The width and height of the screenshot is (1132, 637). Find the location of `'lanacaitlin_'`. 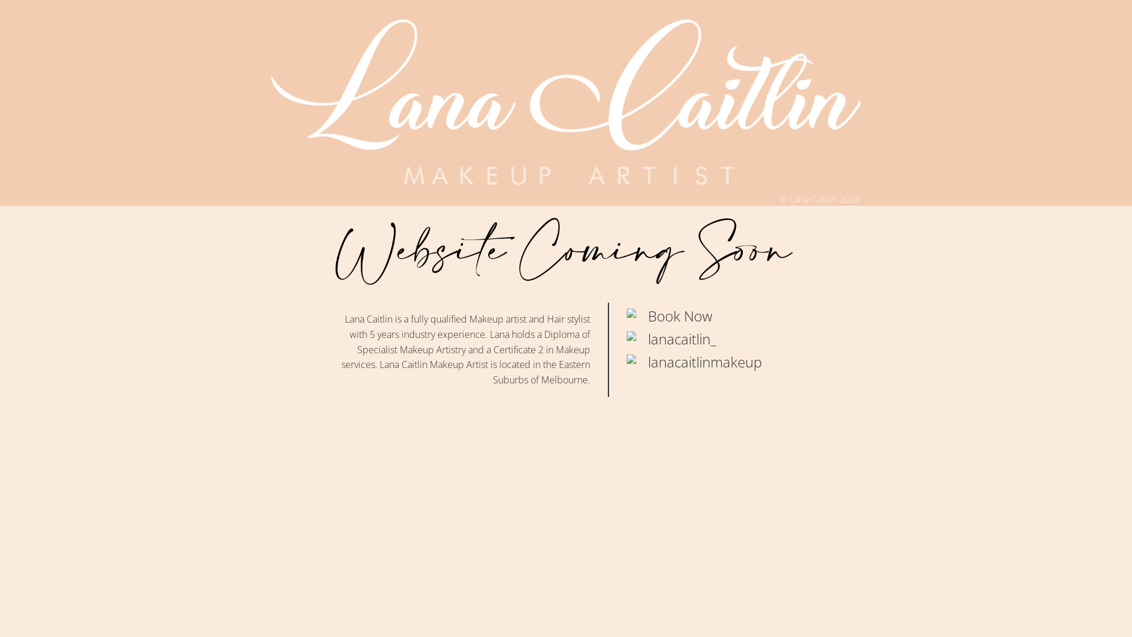

'lanacaitlin_' is located at coordinates (682, 339).